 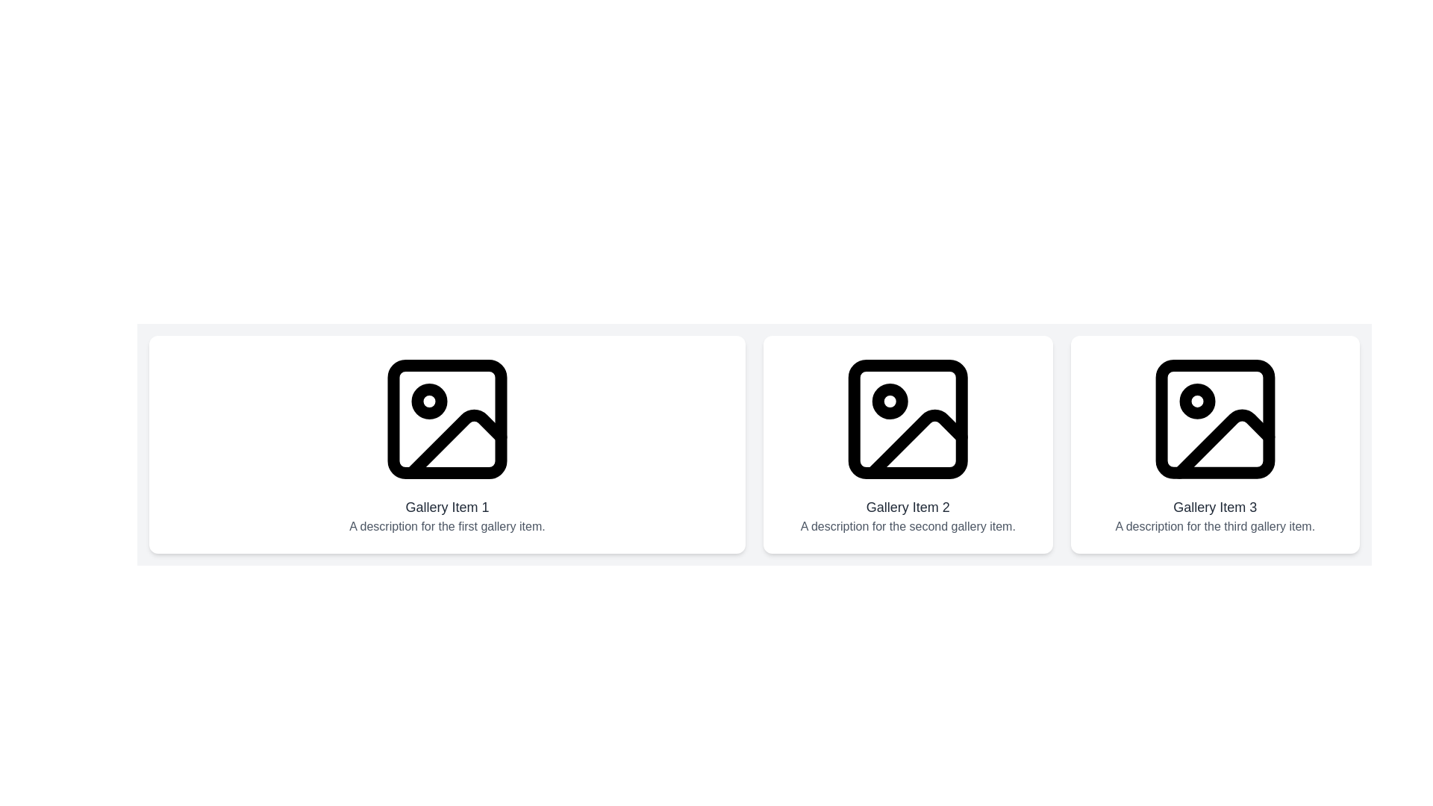 I want to click on the text block that provides the title and description for the second gallery item, located beneath the image, so click(x=907, y=515).